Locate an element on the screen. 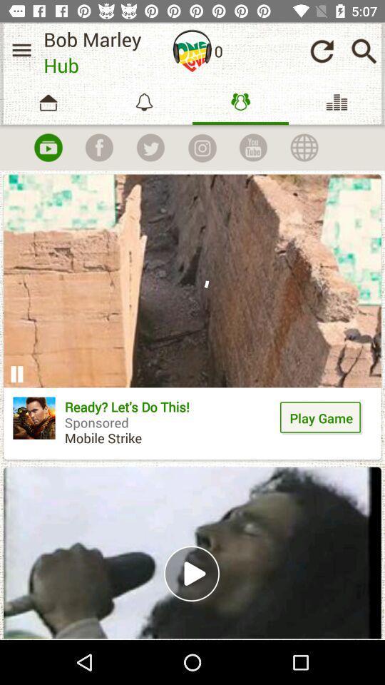 This screenshot has width=385, height=685. the date_range icon is located at coordinates (252, 148).